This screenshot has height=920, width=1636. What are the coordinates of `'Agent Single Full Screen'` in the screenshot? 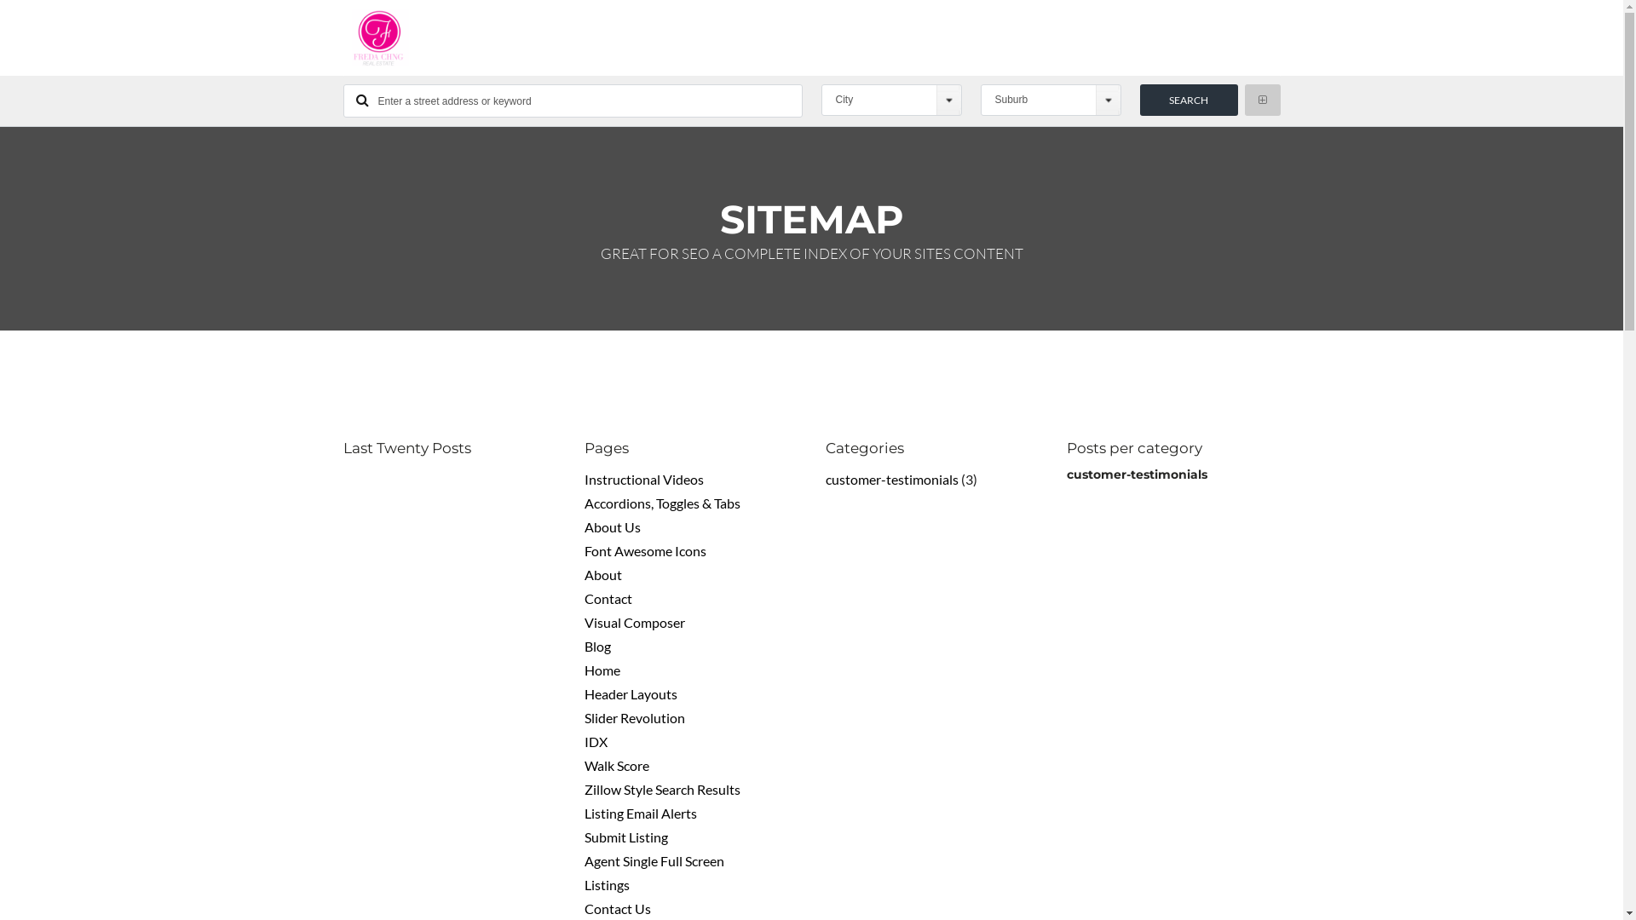 It's located at (585, 860).